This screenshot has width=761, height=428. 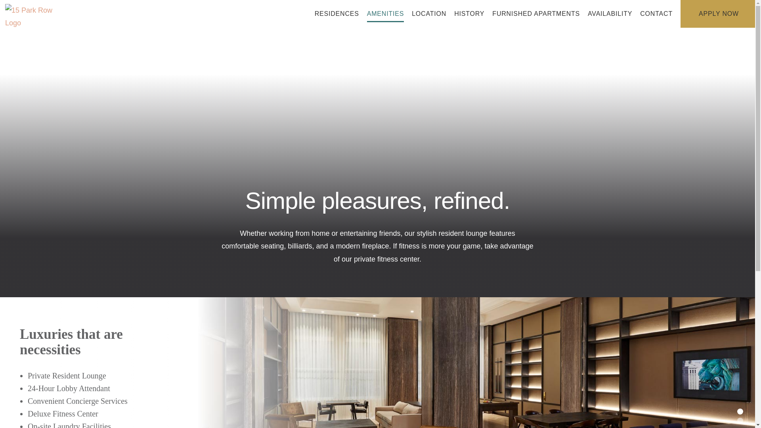 I want to click on 'FURNISHED APARTMENTS', so click(x=536, y=13).